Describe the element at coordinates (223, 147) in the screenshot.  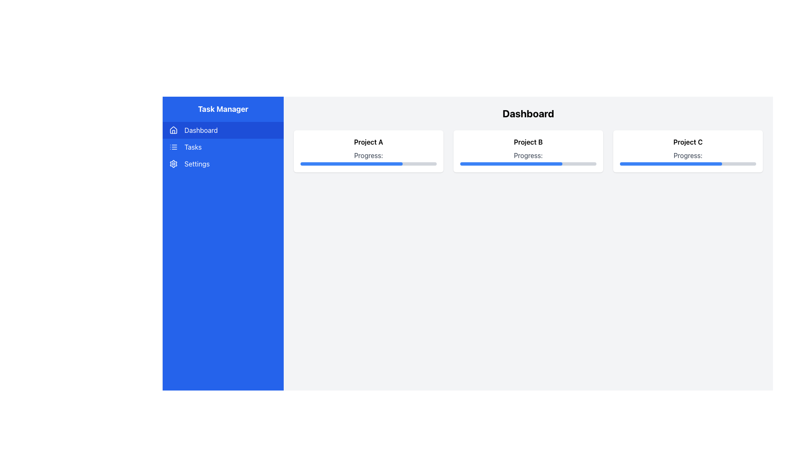
I see `the navigation button for the task management section, located in the vertical menu below the 'Dashboard' button and above the 'Settings' button, to trigger the hover background effect` at that location.